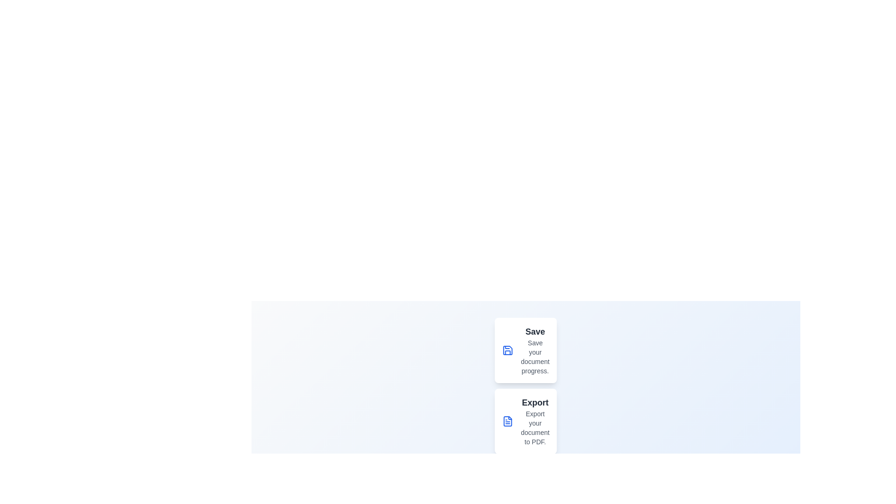  What do you see at coordinates (526, 421) in the screenshot?
I see `the menu option Export from the speed dial menu` at bounding box center [526, 421].